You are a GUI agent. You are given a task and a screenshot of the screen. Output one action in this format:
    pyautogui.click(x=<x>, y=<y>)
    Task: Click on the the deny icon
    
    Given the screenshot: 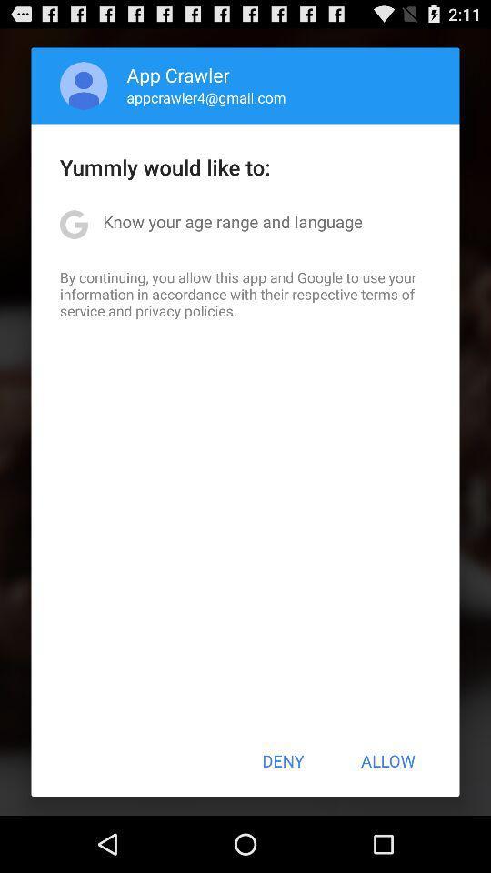 What is the action you would take?
    pyautogui.click(x=283, y=760)
    